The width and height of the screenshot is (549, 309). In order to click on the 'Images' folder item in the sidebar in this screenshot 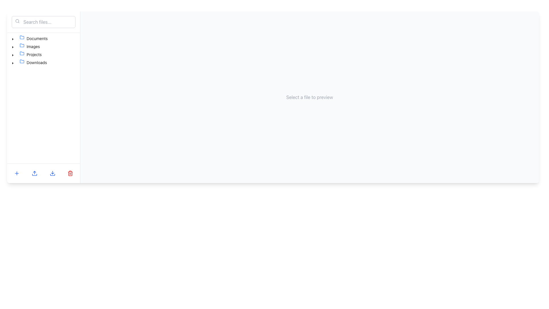, I will do `click(29, 46)`.